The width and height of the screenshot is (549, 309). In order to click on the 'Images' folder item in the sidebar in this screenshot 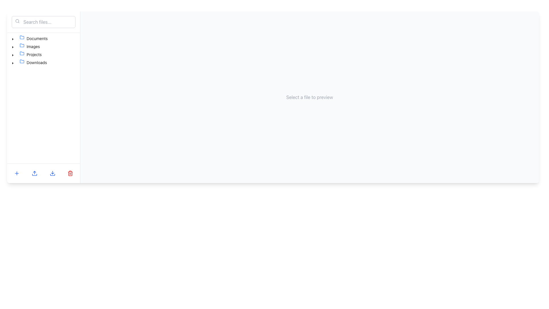, I will do `click(29, 46)`.